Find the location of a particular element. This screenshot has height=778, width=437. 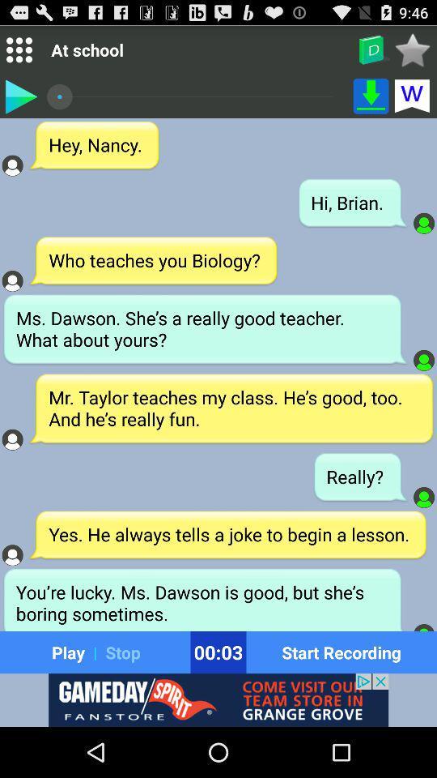

the dialpad icon is located at coordinates (18, 53).